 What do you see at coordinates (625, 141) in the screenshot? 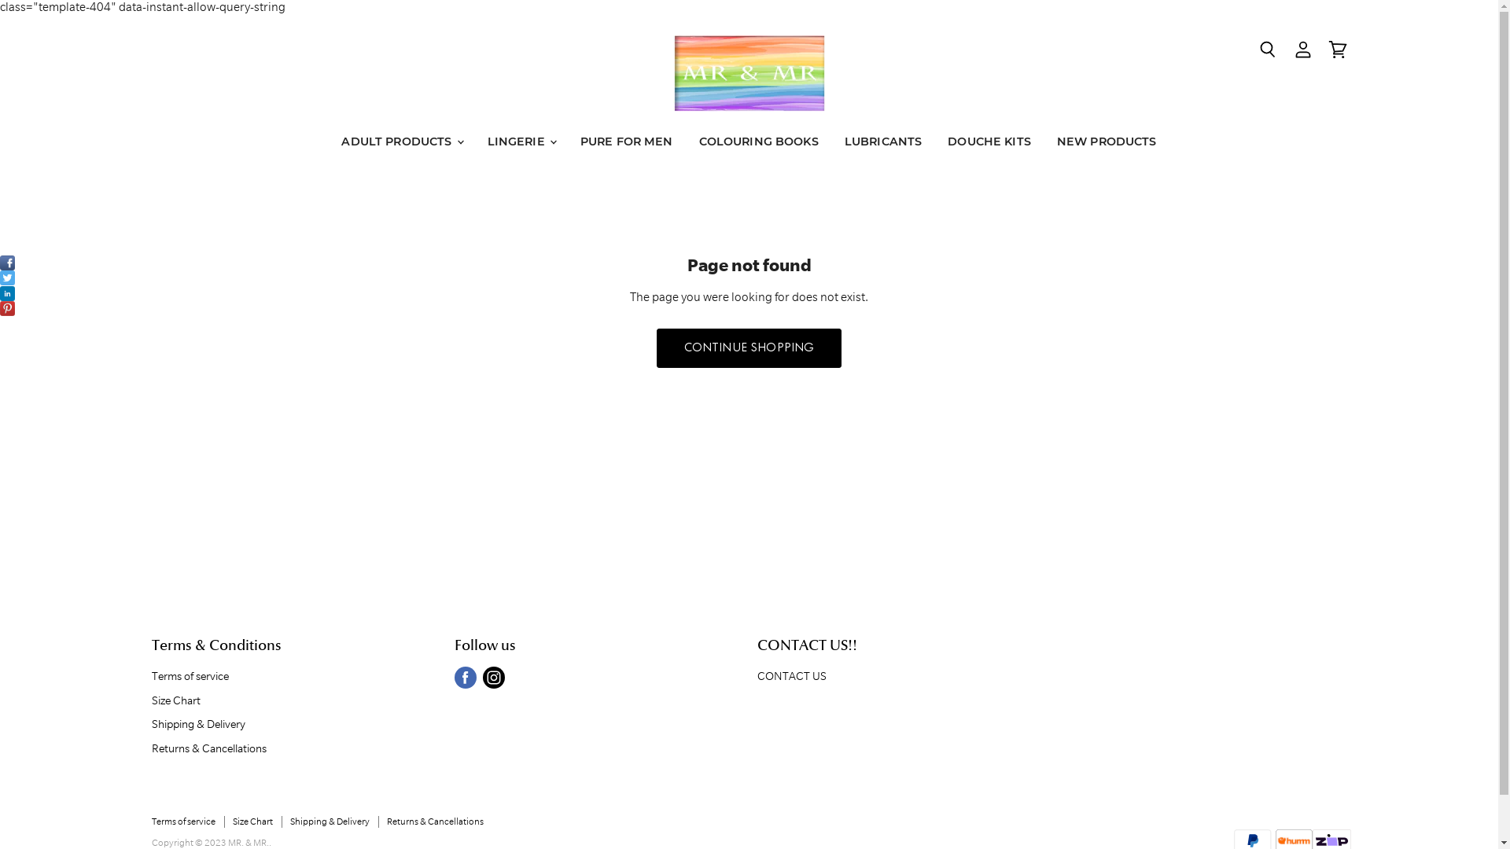
I see `'PURE FOR MEN'` at bounding box center [625, 141].